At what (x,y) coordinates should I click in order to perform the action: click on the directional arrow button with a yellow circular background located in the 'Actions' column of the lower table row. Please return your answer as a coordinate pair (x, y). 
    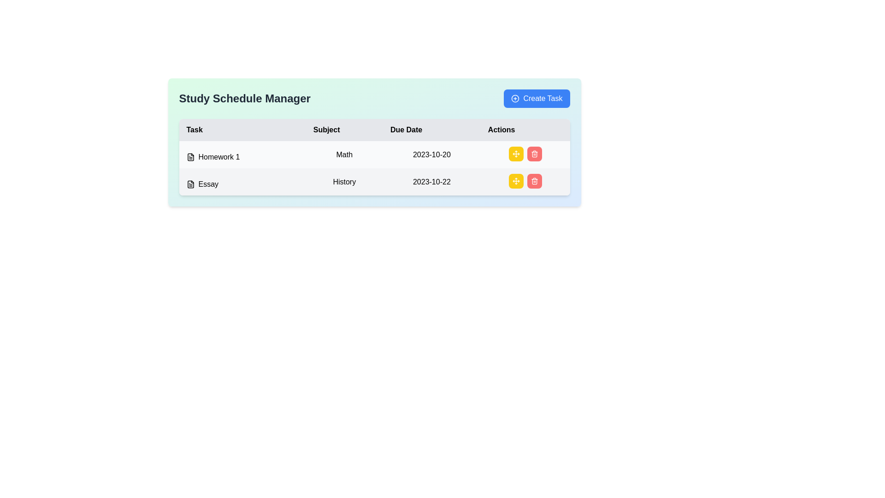
    Looking at the image, I should click on (515, 154).